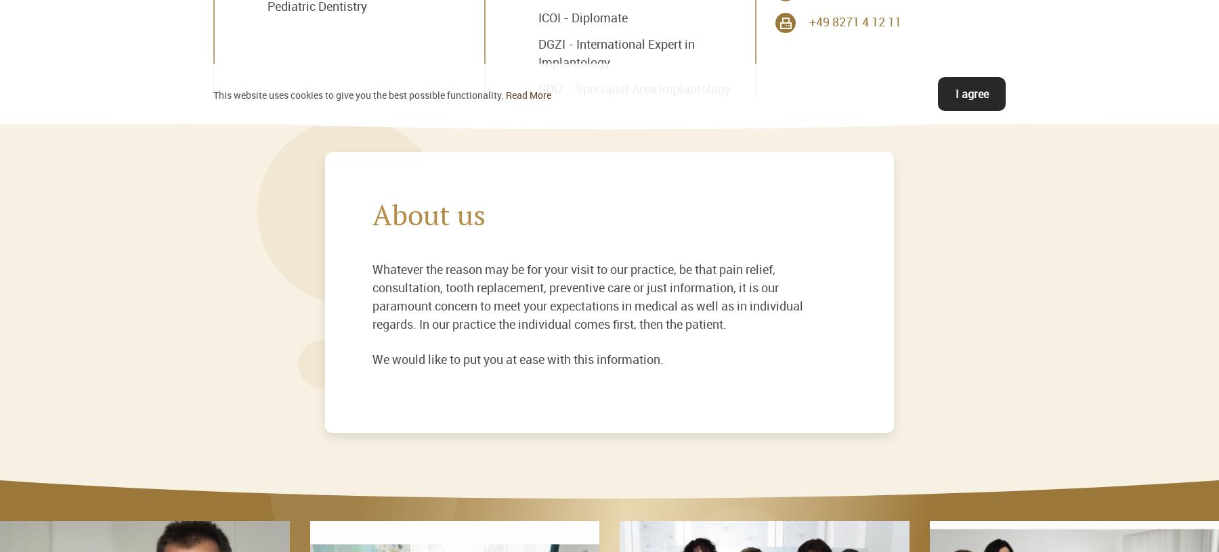 The width and height of the screenshot is (1219, 552). I want to click on 'Read More', so click(528, 95).